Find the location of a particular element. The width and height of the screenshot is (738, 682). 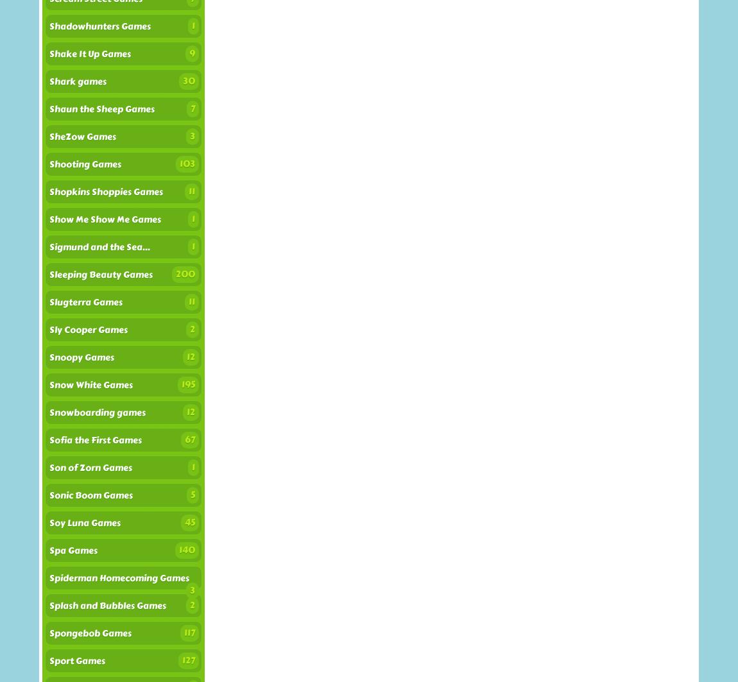

'127' is located at coordinates (182, 660).